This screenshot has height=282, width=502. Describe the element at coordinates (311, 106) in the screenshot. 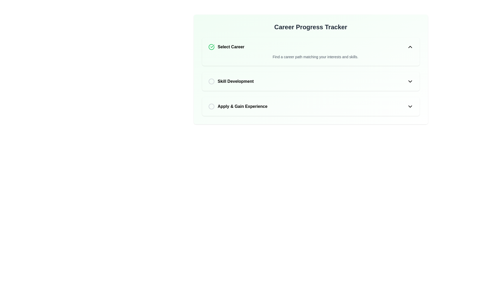

I see `the 'Apply & Gain Experience' interactive step component in the career progression interface for navigation purposes` at that location.